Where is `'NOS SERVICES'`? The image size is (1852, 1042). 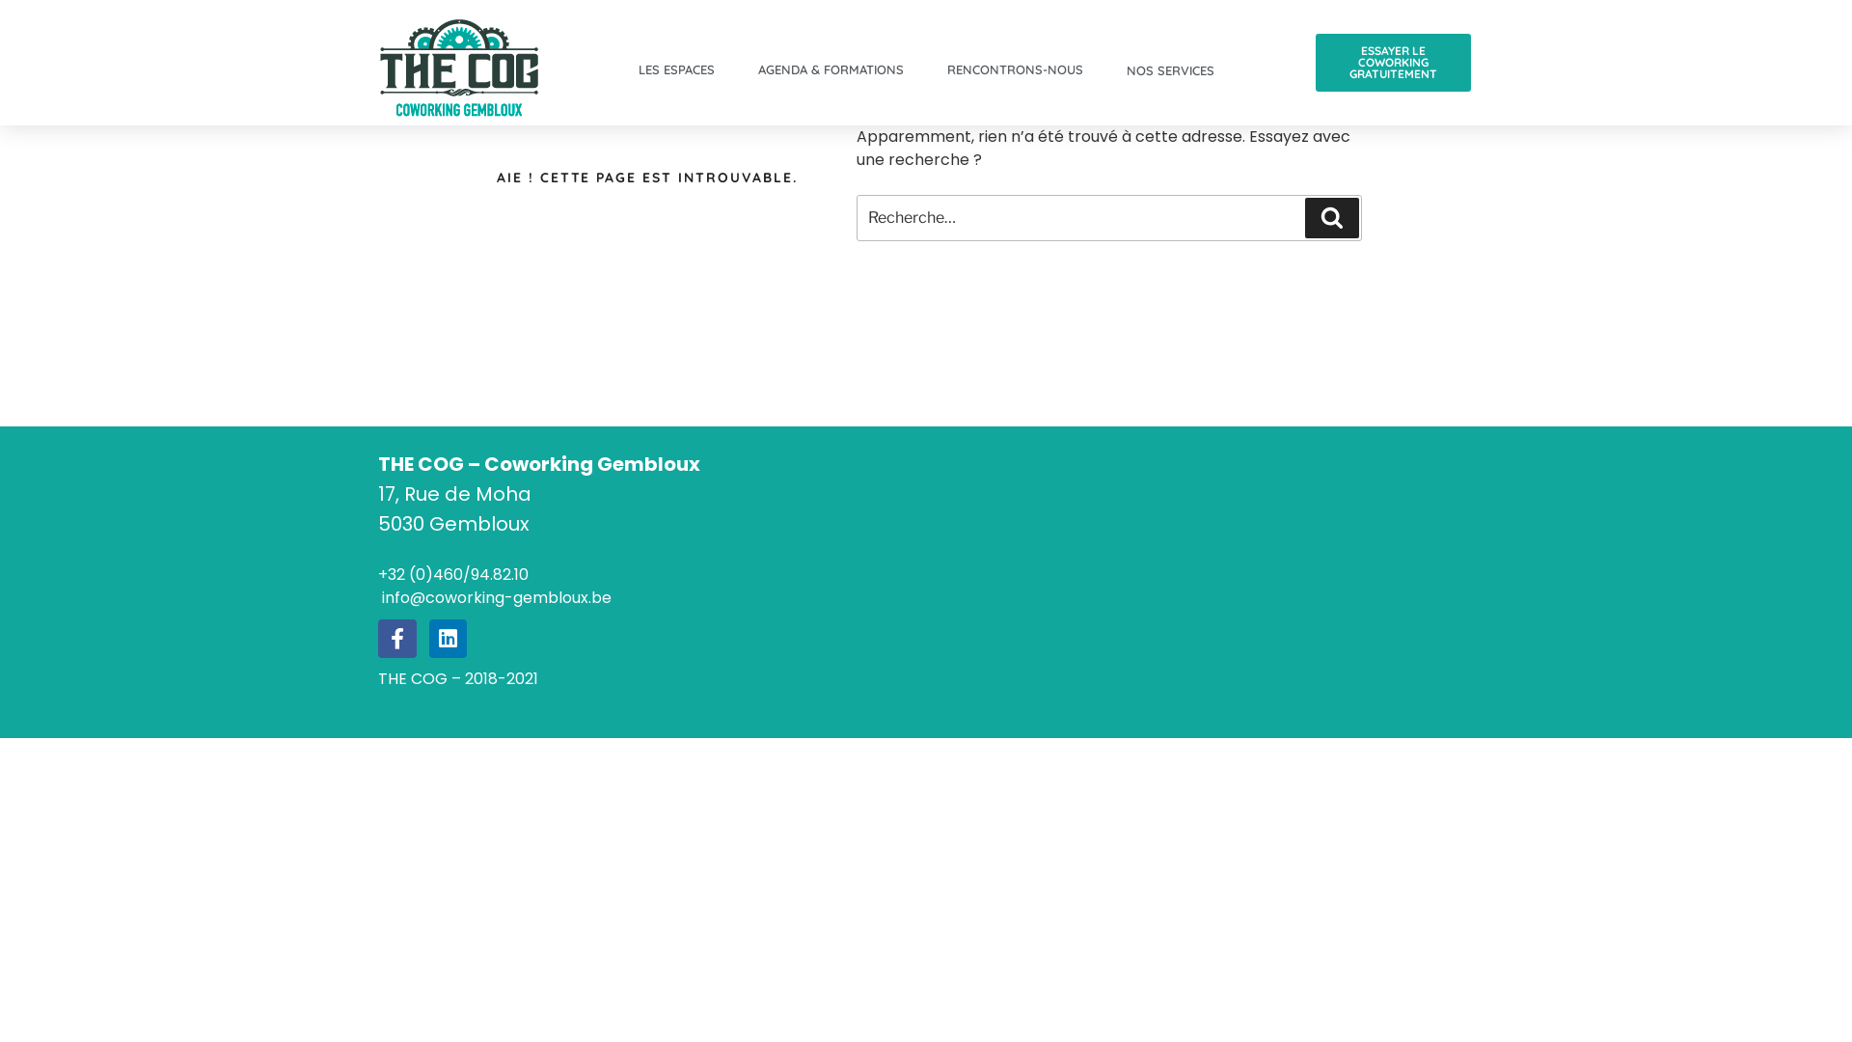
'NOS SERVICES' is located at coordinates (1168, 69).